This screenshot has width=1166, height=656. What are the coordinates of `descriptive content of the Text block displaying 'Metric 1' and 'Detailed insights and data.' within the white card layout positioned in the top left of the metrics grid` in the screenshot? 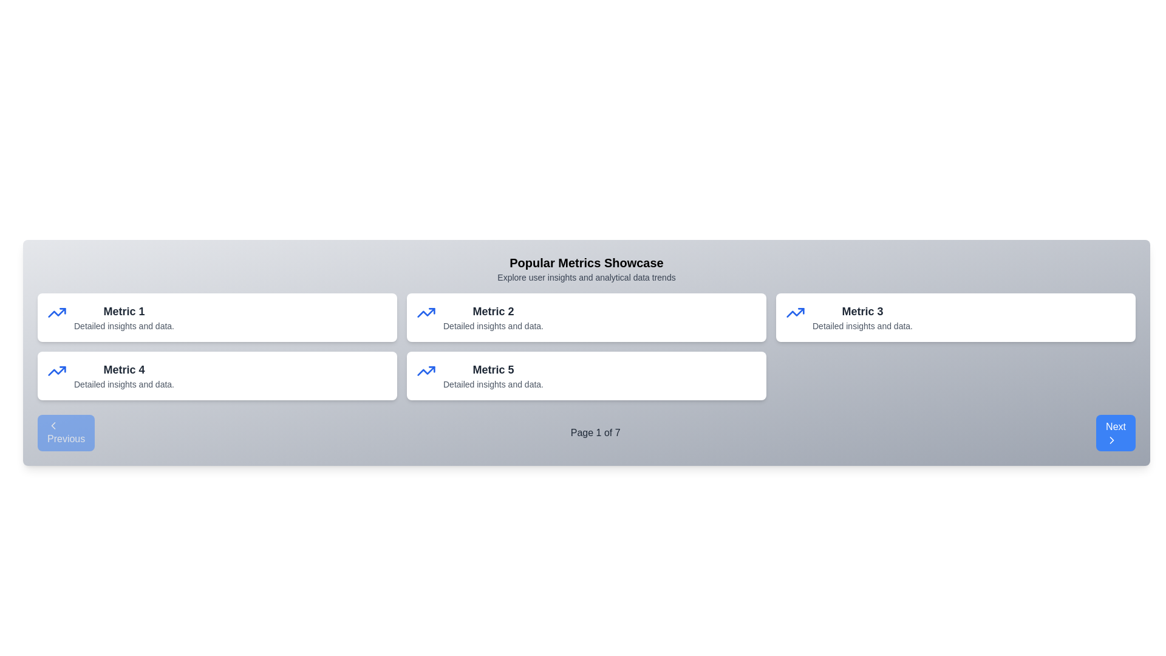 It's located at (120, 317).